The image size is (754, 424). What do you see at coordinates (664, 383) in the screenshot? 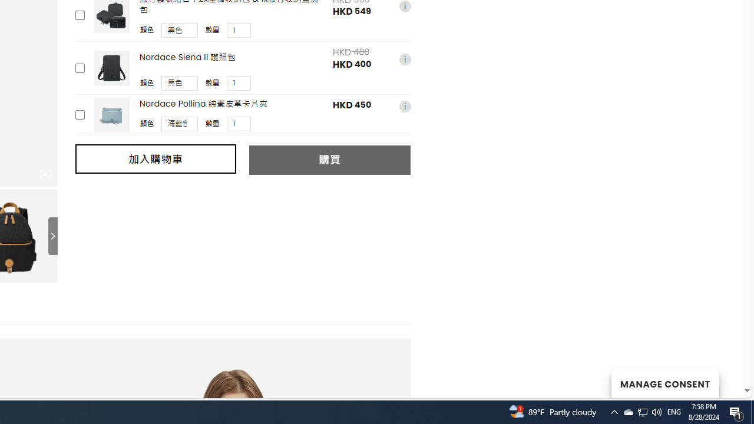
I see `'MANAGE CONSENT'` at bounding box center [664, 383].